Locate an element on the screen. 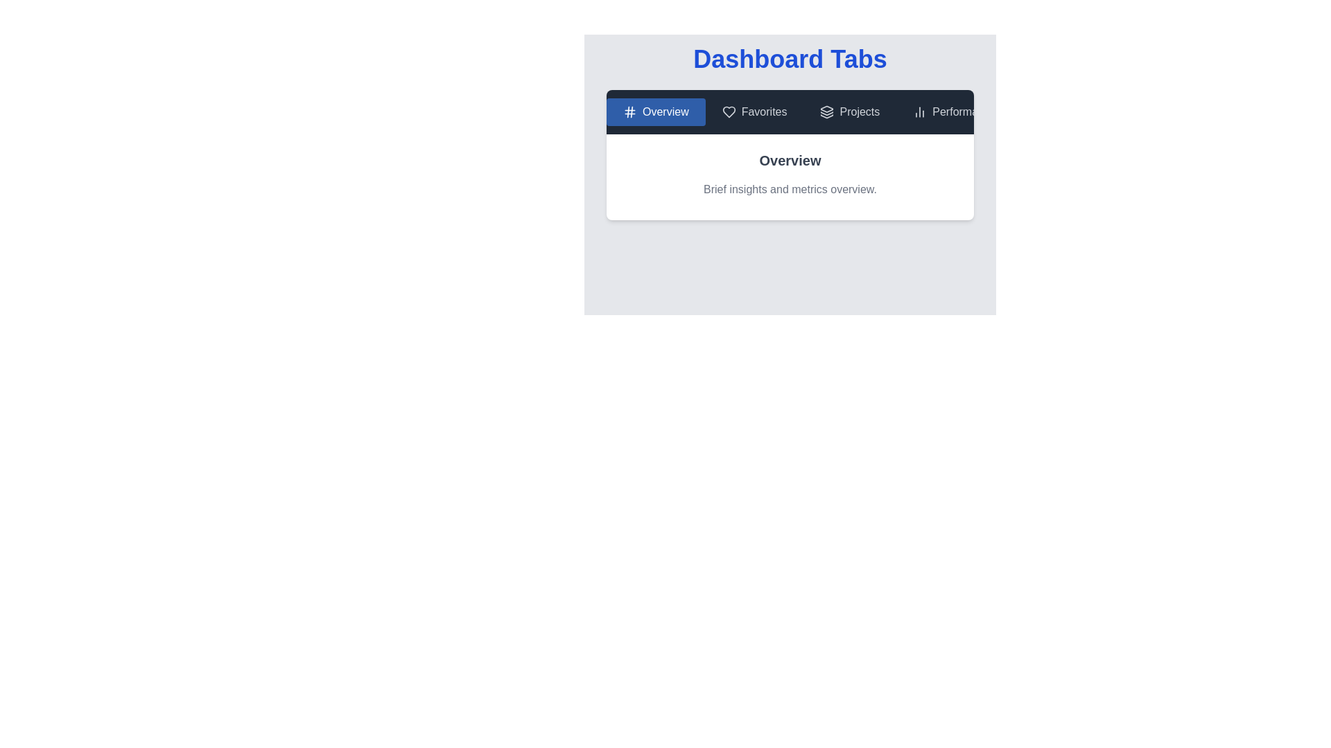 The width and height of the screenshot is (1331, 748). the tab labeled Overview by clicking on its button is located at coordinates (655, 112).